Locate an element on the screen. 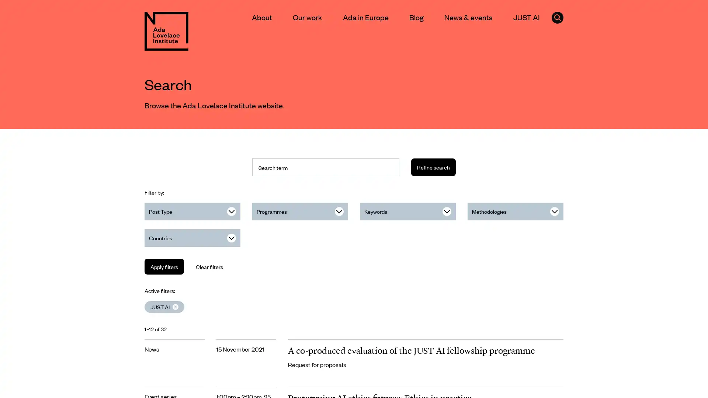  Post Type is located at coordinates (192, 212).